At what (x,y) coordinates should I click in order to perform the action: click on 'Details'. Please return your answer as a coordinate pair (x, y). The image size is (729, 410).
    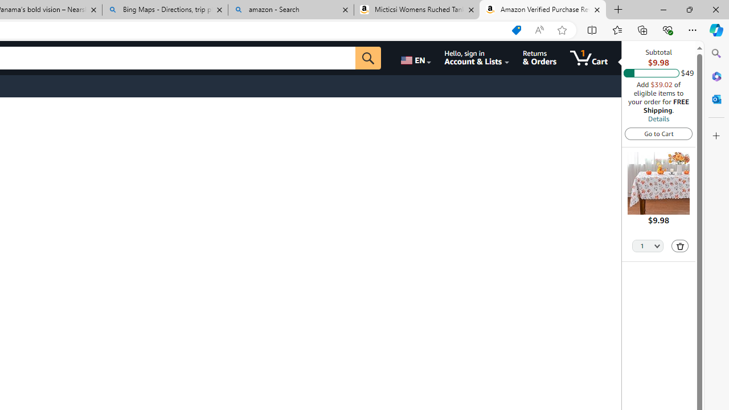
    Looking at the image, I should click on (658, 118).